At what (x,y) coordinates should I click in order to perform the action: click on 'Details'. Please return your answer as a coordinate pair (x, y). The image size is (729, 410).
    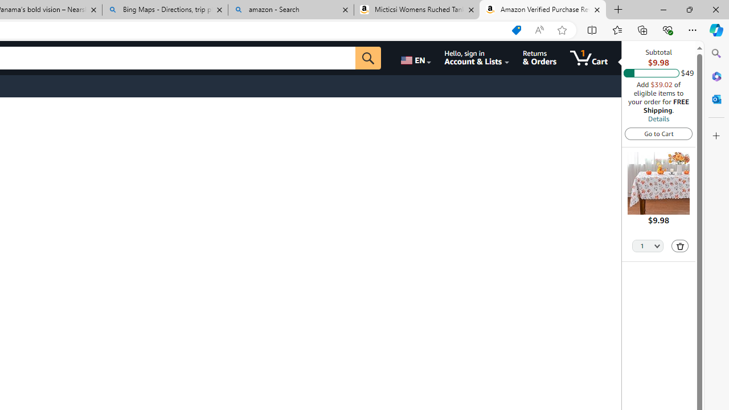
    Looking at the image, I should click on (658, 118).